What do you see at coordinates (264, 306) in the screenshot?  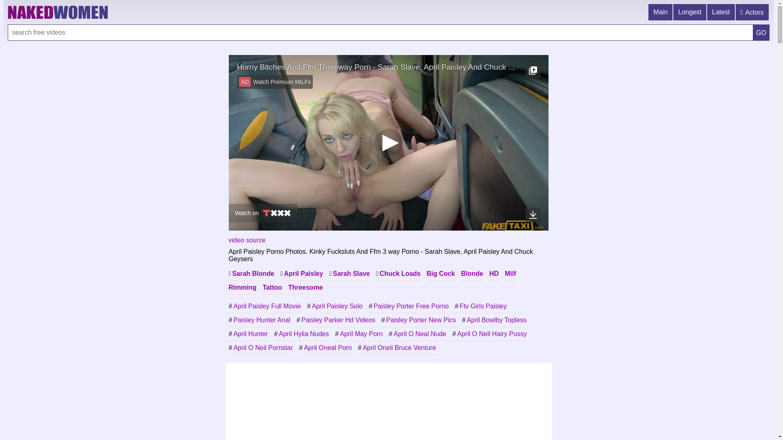 I see `'April Paisley Full Movie'` at bounding box center [264, 306].